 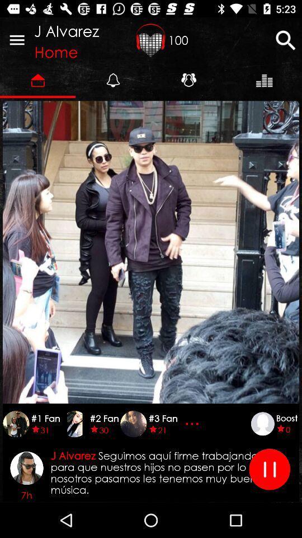 I want to click on item to the left of j alvarez icon, so click(x=16, y=40).